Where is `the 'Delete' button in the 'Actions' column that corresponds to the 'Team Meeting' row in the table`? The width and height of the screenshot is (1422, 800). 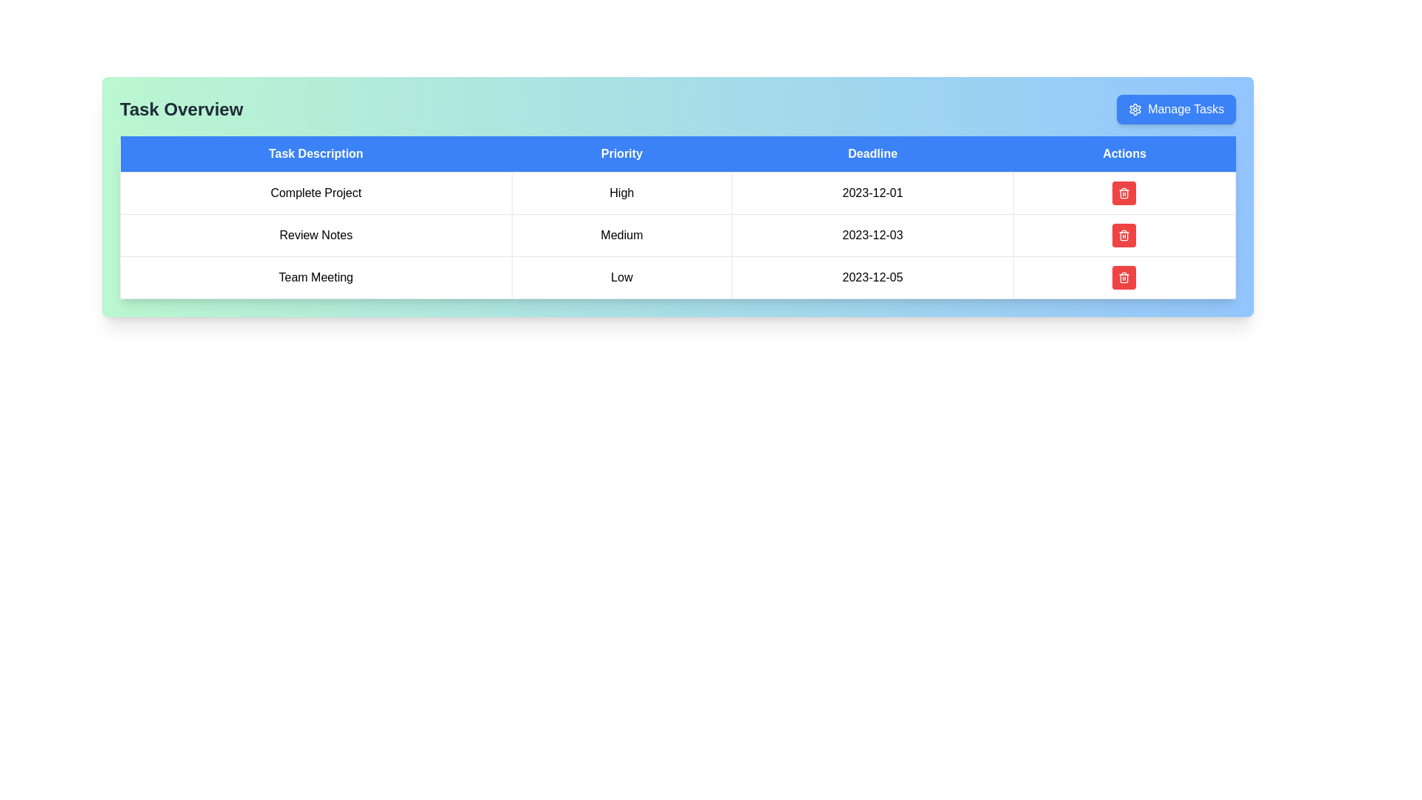 the 'Delete' button in the 'Actions' column that corresponds to the 'Team Meeting' row in the table is located at coordinates (1124, 277).